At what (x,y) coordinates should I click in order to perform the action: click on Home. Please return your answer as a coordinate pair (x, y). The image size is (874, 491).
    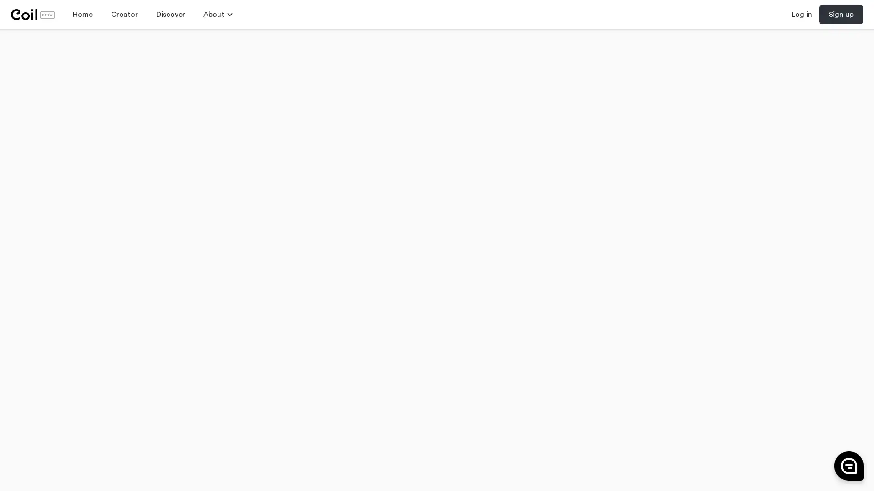
    Looking at the image, I should click on (83, 14).